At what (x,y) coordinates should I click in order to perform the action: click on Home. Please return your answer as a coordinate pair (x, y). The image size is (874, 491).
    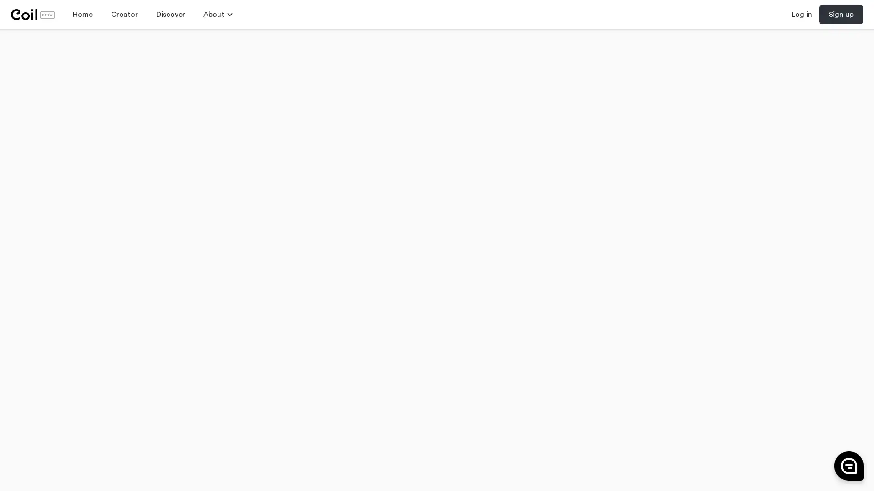
    Looking at the image, I should click on (83, 14).